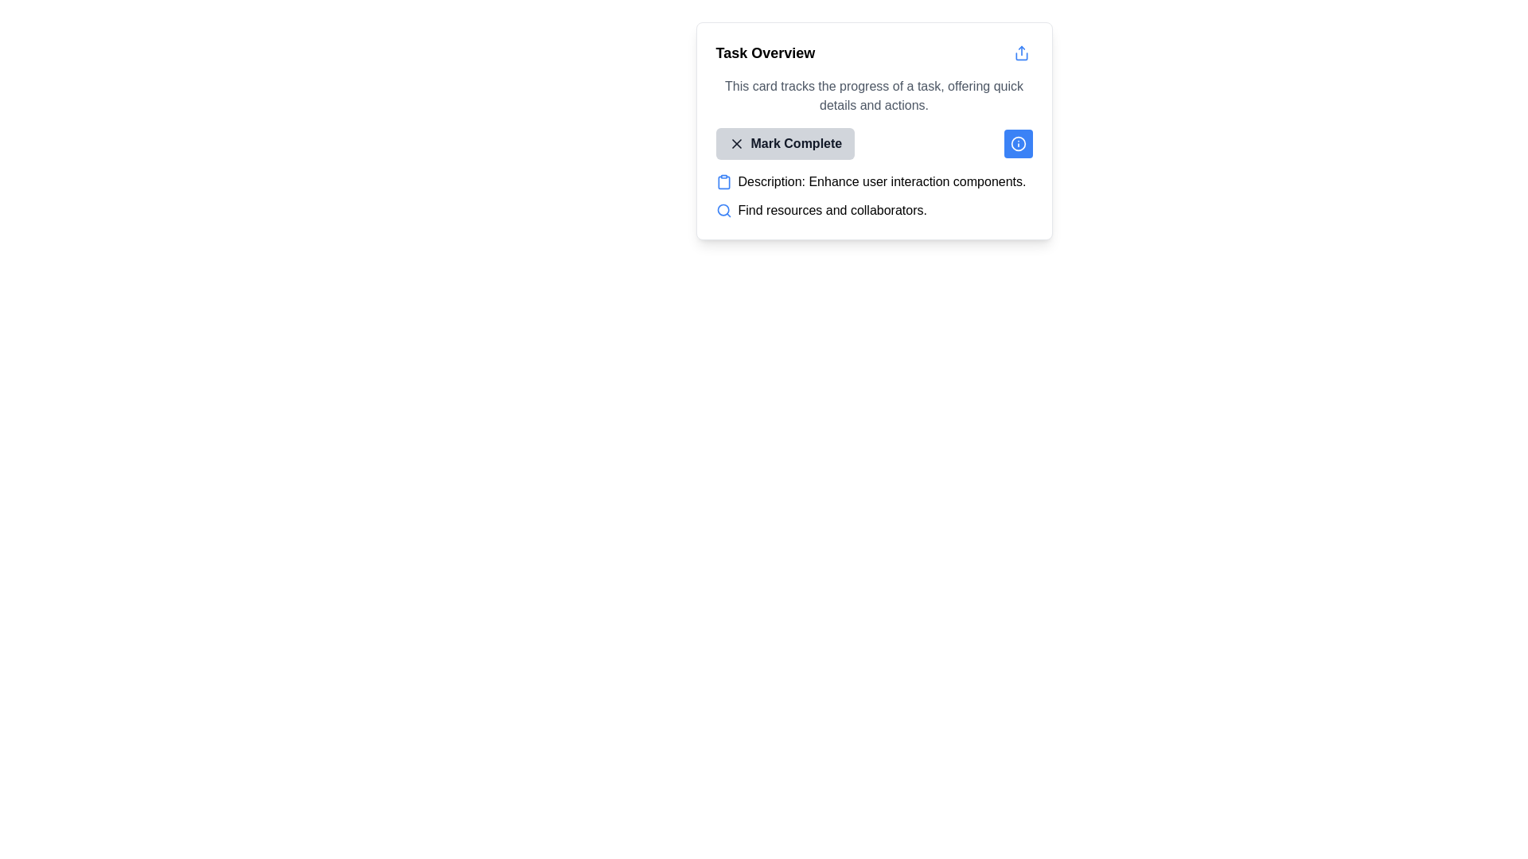 Image resolution: width=1528 pixels, height=859 pixels. I want to click on the cross icon located within the 'Mark Complete' button, positioned to the left of the text label 'Mark Complete', so click(735, 144).